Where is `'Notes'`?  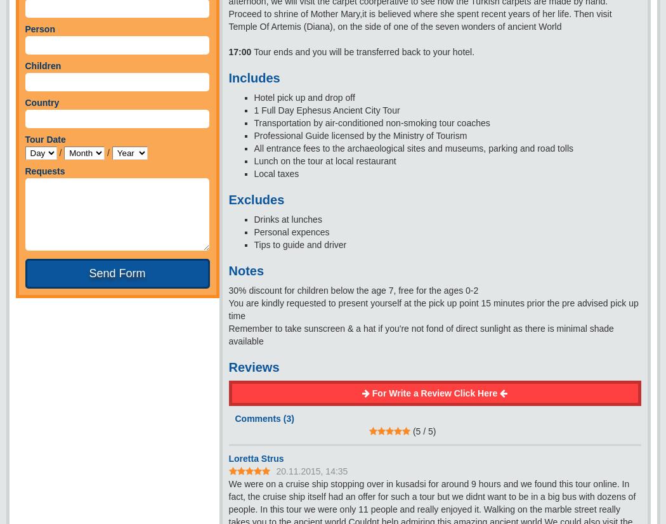
'Notes' is located at coordinates (245, 270).